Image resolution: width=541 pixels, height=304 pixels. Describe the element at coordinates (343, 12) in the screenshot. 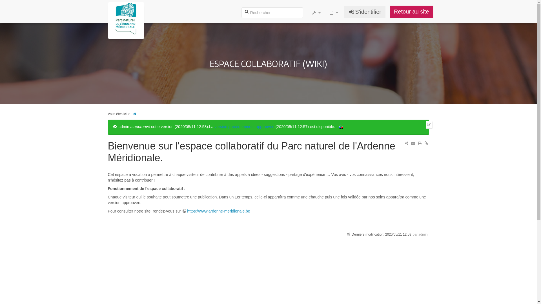

I see `'S'identifier'` at that location.